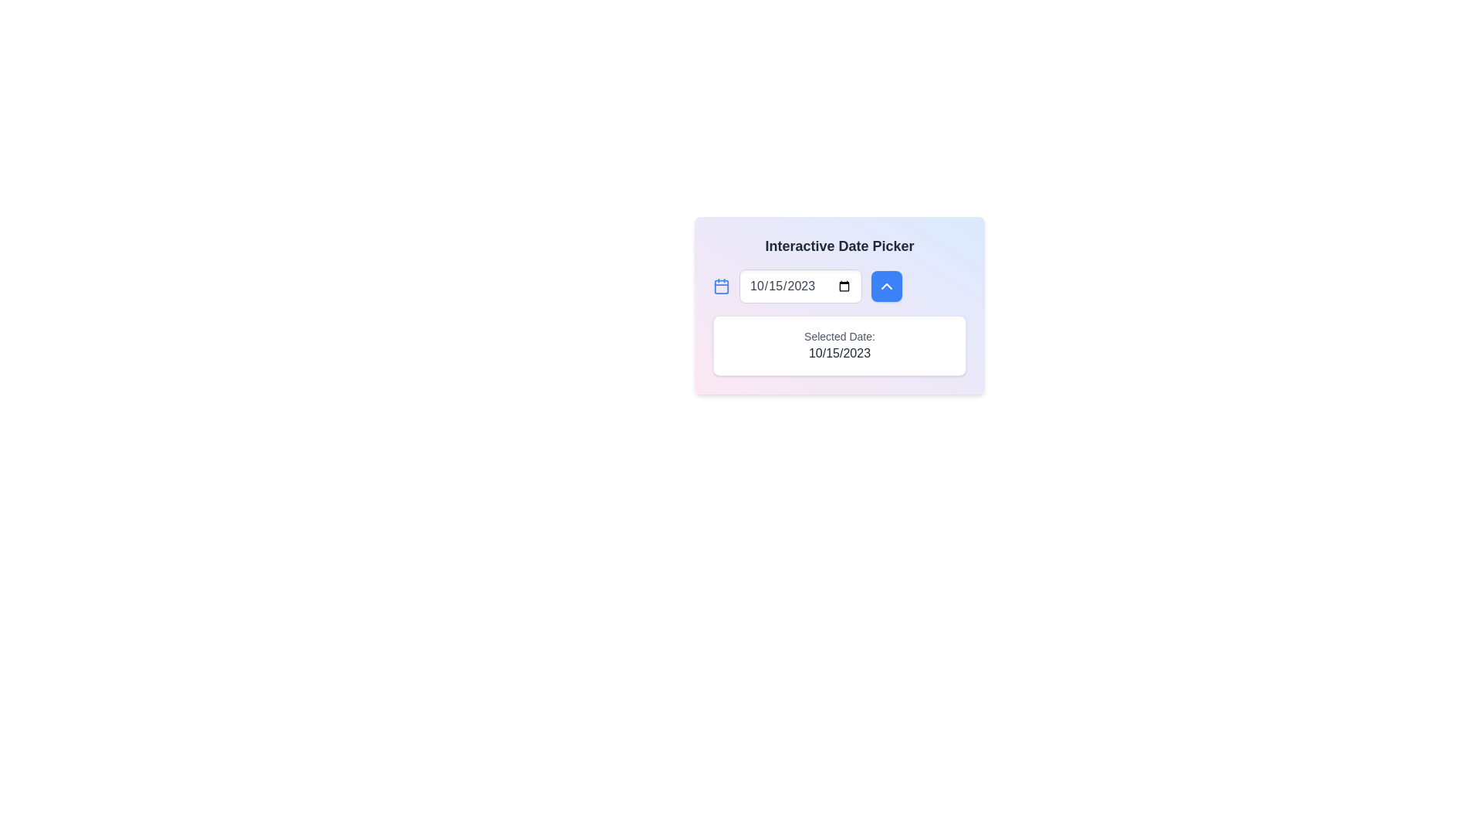 Image resolution: width=1482 pixels, height=834 pixels. I want to click on the chevron-style upward arrow icon within the blue button located to the right of the input box displaying the date '10/15/2023' to interact with the date picker component, so click(886, 286).